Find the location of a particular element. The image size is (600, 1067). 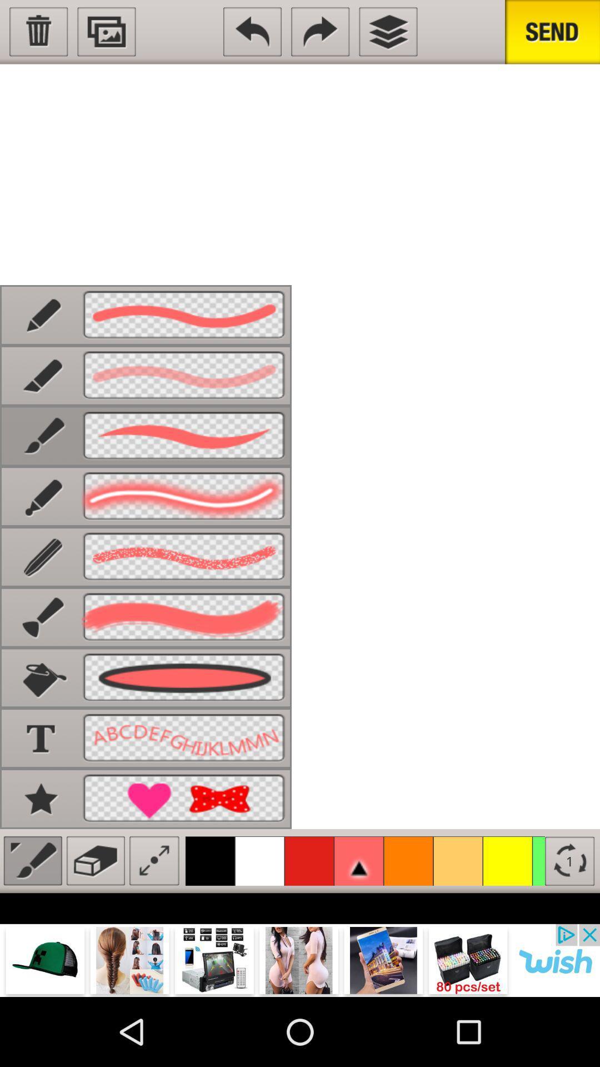

the edit icon is located at coordinates (32, 860).